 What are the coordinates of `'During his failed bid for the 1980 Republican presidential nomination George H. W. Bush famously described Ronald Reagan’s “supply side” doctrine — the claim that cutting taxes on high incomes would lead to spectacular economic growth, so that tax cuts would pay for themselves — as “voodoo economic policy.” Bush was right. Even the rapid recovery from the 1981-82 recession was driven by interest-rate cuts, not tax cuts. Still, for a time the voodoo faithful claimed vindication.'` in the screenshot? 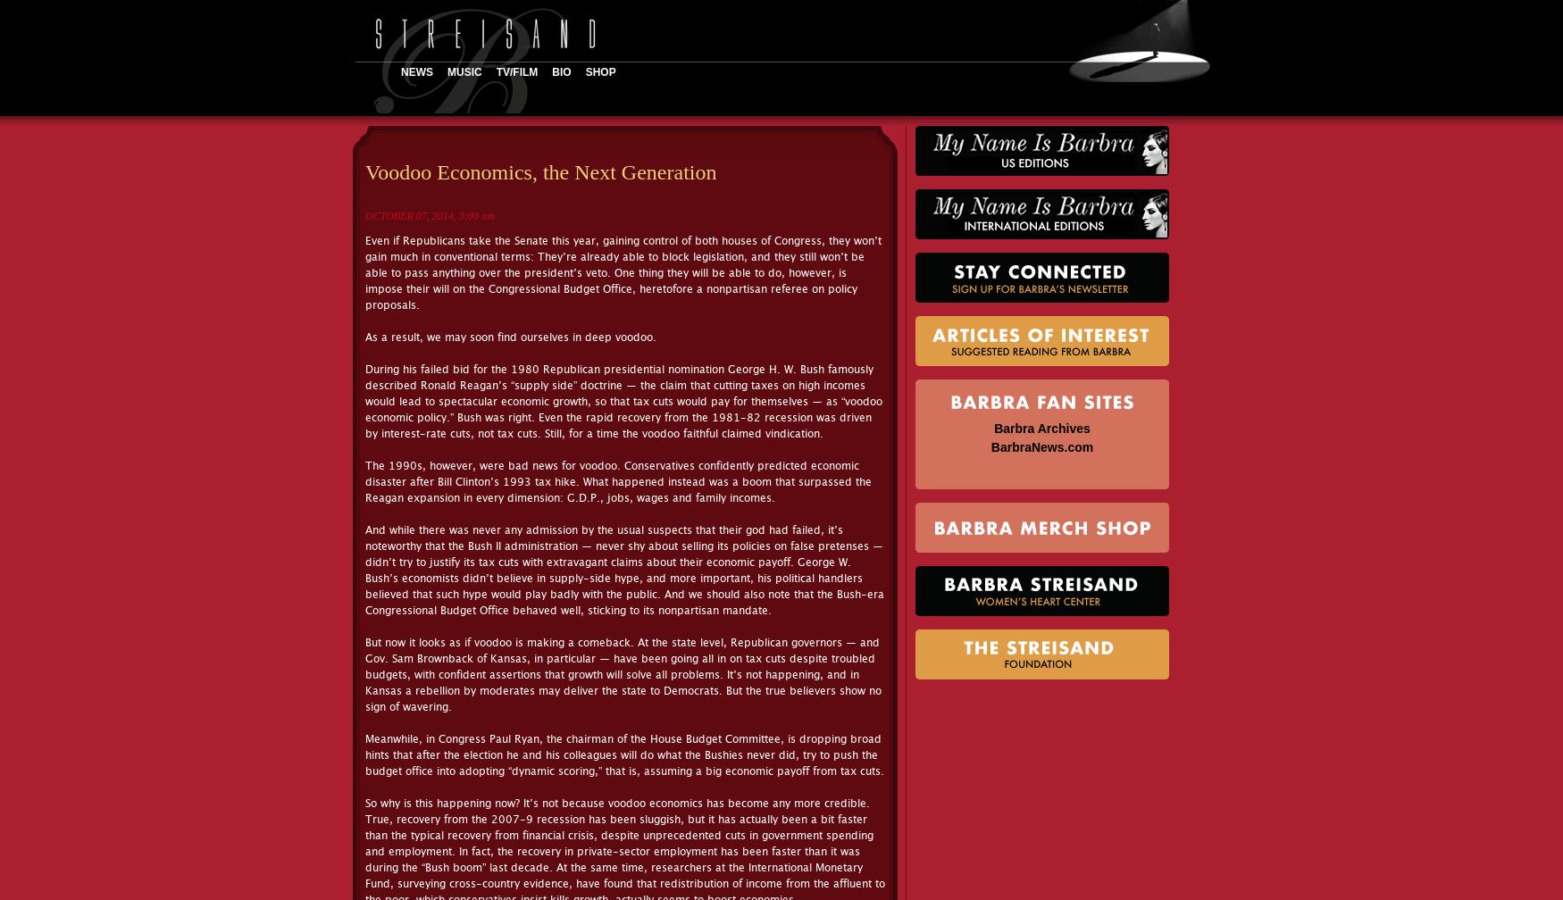 It's located at (623, 401).